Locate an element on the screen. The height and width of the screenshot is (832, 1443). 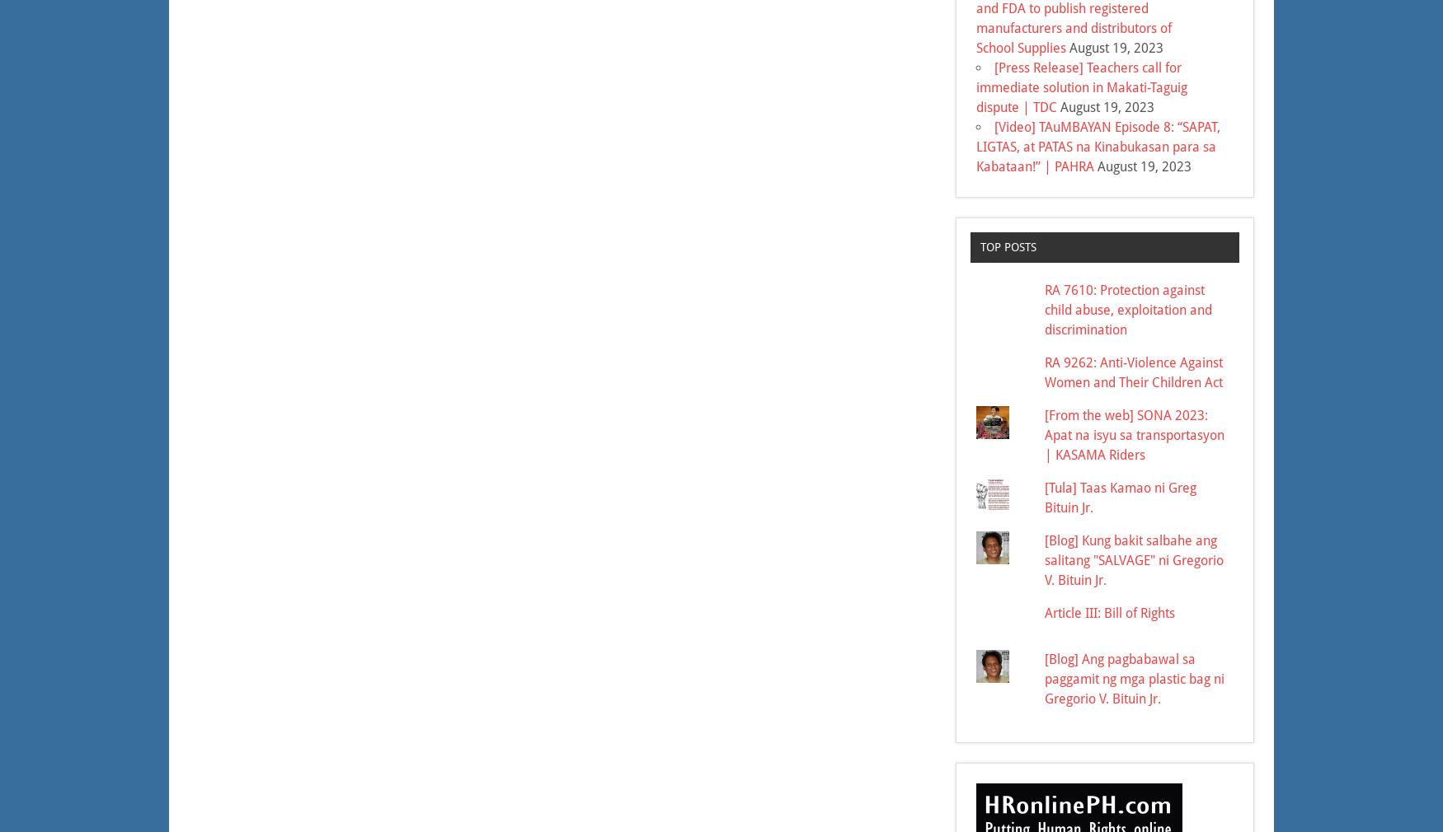
'Article III: Bill of Rights' is located at coordinates (1109, 611).